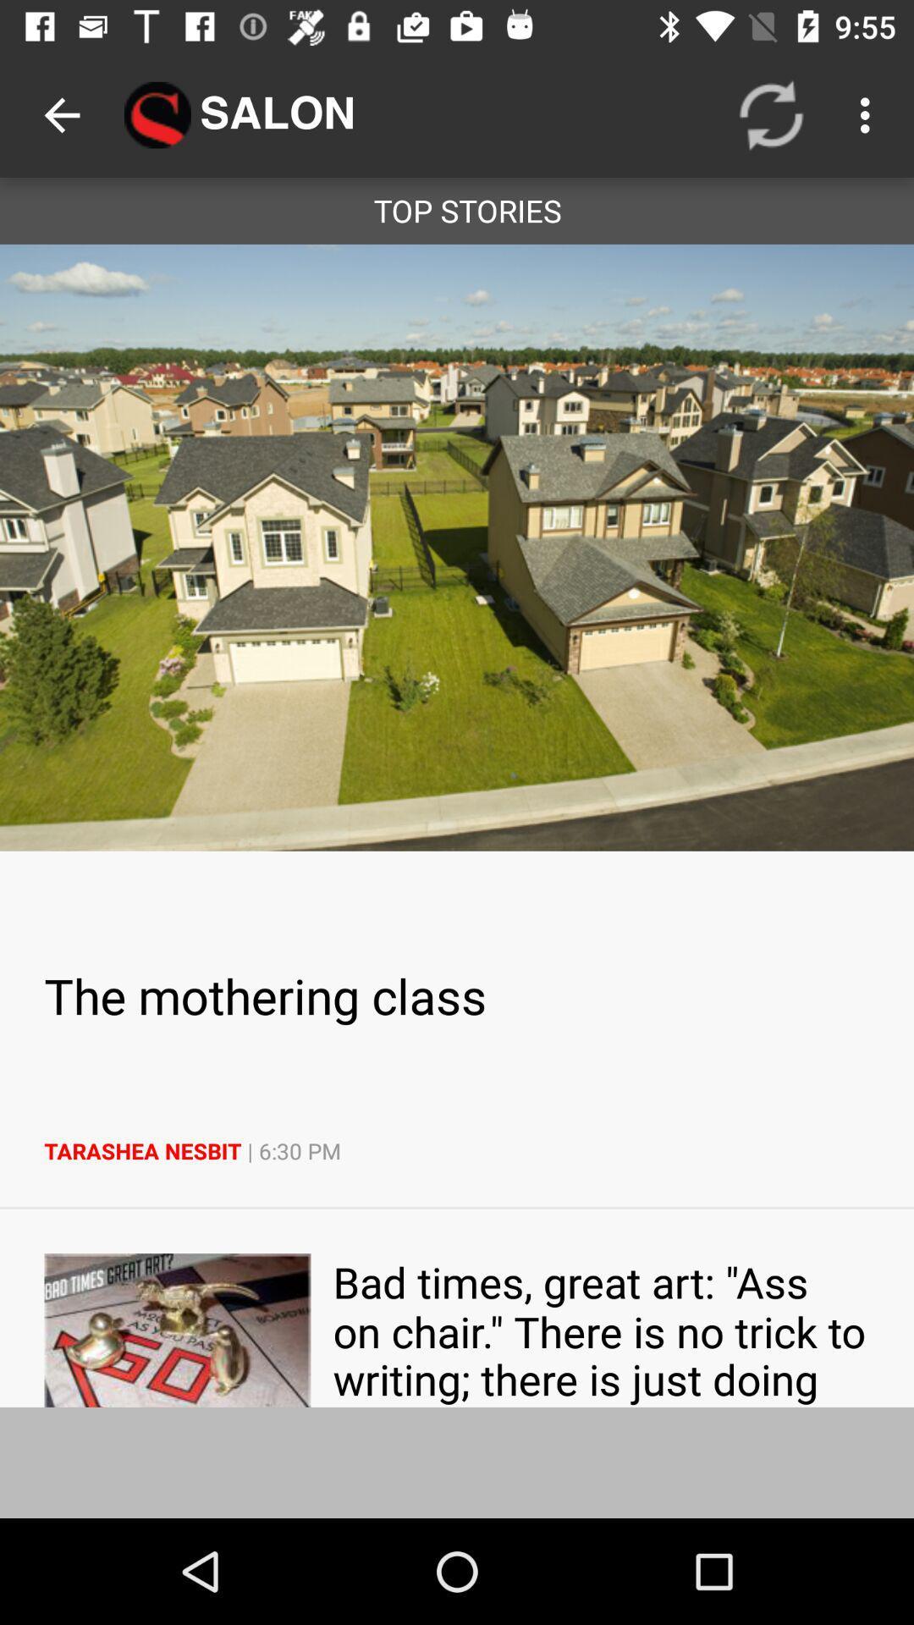  Describe the element at coordinates (457, 1151) in the screenshot. I see `tarashea nesbit 6 item` at that location.